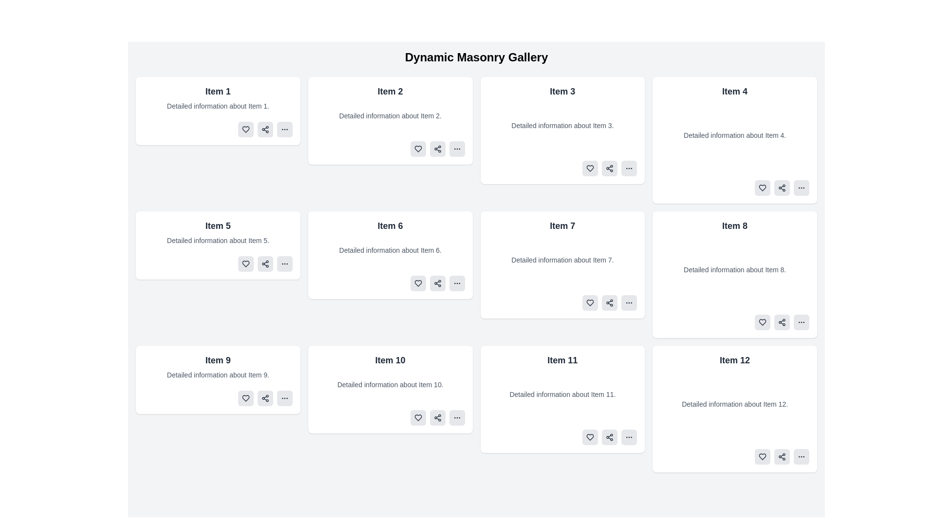 The image size is (935, 526). I want to click on the static text displaying 'Detailed information about Item 1.' which is styled in smaller-sized light gray font, located beneath the main heading 'Item 1' in the first card of a grid layout, centered horizontally, so click(217, 106).